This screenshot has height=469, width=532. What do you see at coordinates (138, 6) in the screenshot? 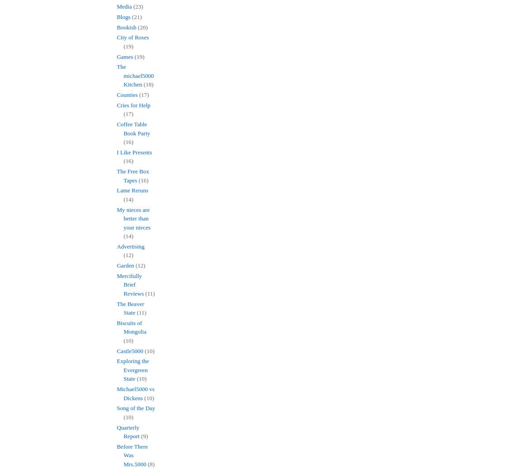
I see `'(23)'` at bounding box center [138, 6].